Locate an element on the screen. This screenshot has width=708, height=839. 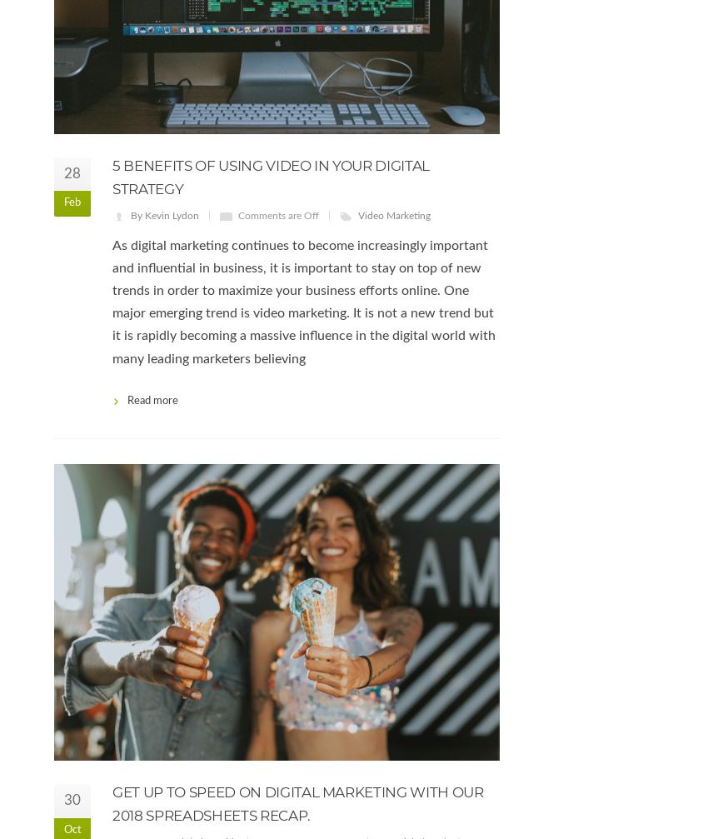
'Read more' is located at coordinates (127, 400).